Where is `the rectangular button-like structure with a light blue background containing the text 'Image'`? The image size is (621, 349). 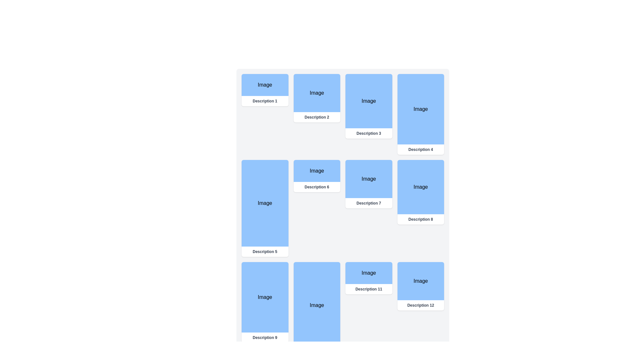 the rectangular button-like structure with a light blue background containing the text 'Image' is located at coordinates (369, 273).